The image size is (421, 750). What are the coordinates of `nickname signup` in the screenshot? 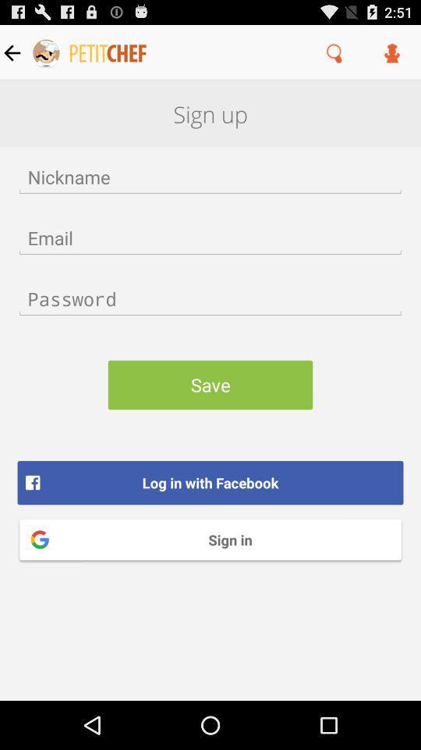 It's located at (210, 177).